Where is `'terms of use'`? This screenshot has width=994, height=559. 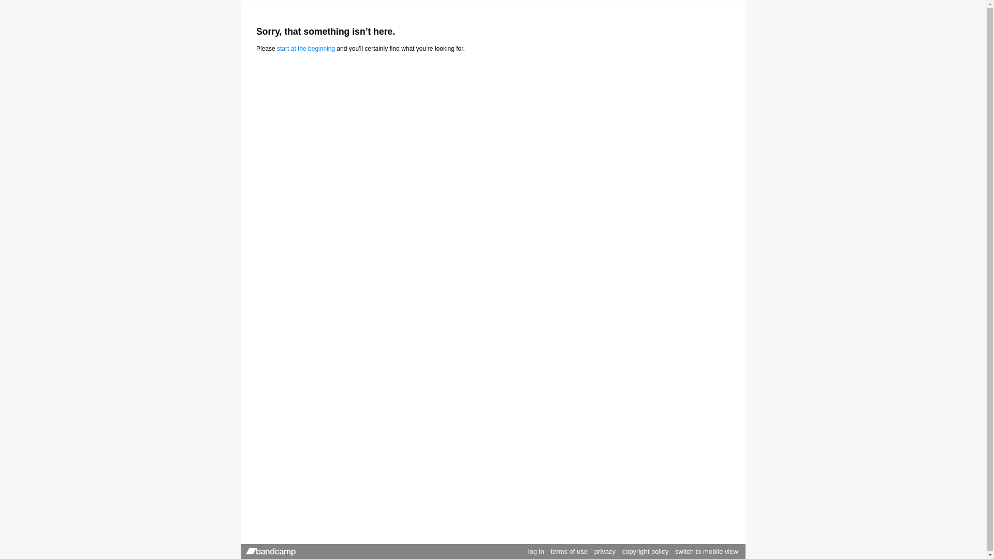
'terms of use' is located at coordinates (568, 551).